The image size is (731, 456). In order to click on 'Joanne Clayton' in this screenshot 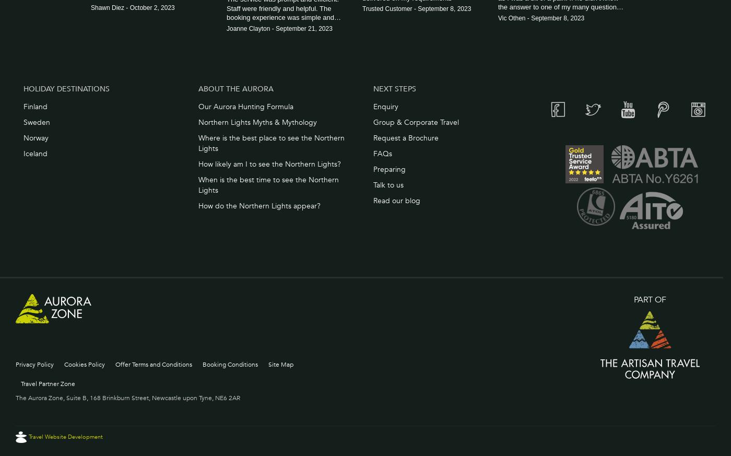, I will do `click(248, 28)`.